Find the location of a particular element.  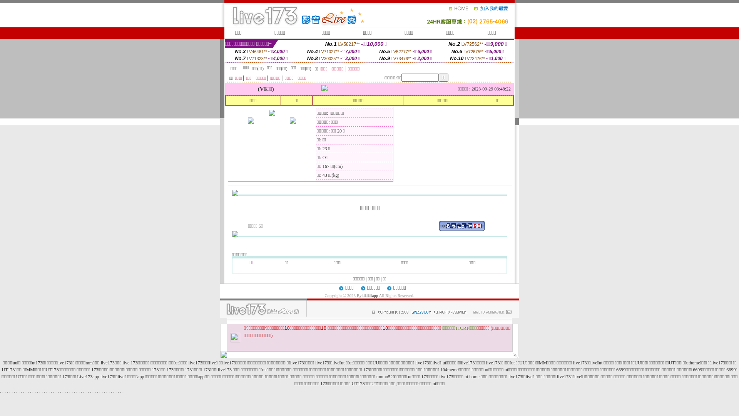

'.' is located at coordinates (32, 391).